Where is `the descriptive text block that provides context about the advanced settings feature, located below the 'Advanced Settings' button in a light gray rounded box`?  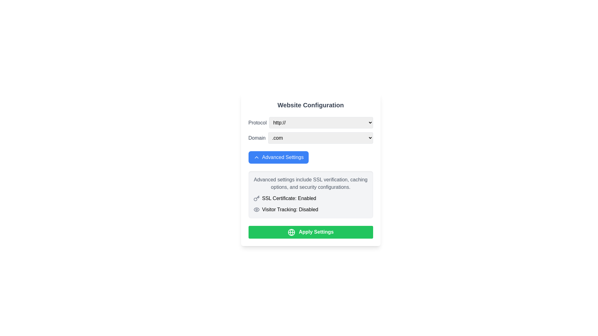 the descriptive text block that provides context about the advanced settings feature, located below the 'Advanced Settings' button in a light gray rounded box is located at coordinates (311, 183).